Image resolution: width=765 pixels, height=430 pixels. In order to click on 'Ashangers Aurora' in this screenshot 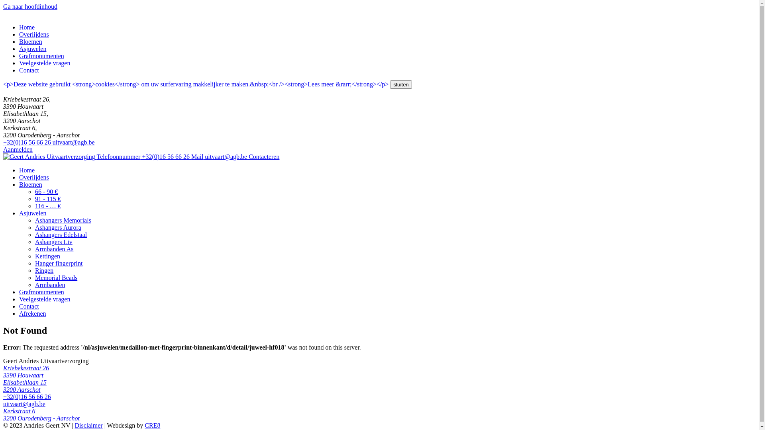, I will do `click(34, 227)`.